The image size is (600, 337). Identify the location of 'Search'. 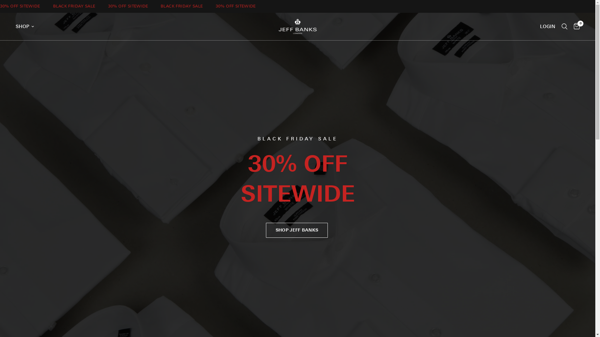
(564, 26).